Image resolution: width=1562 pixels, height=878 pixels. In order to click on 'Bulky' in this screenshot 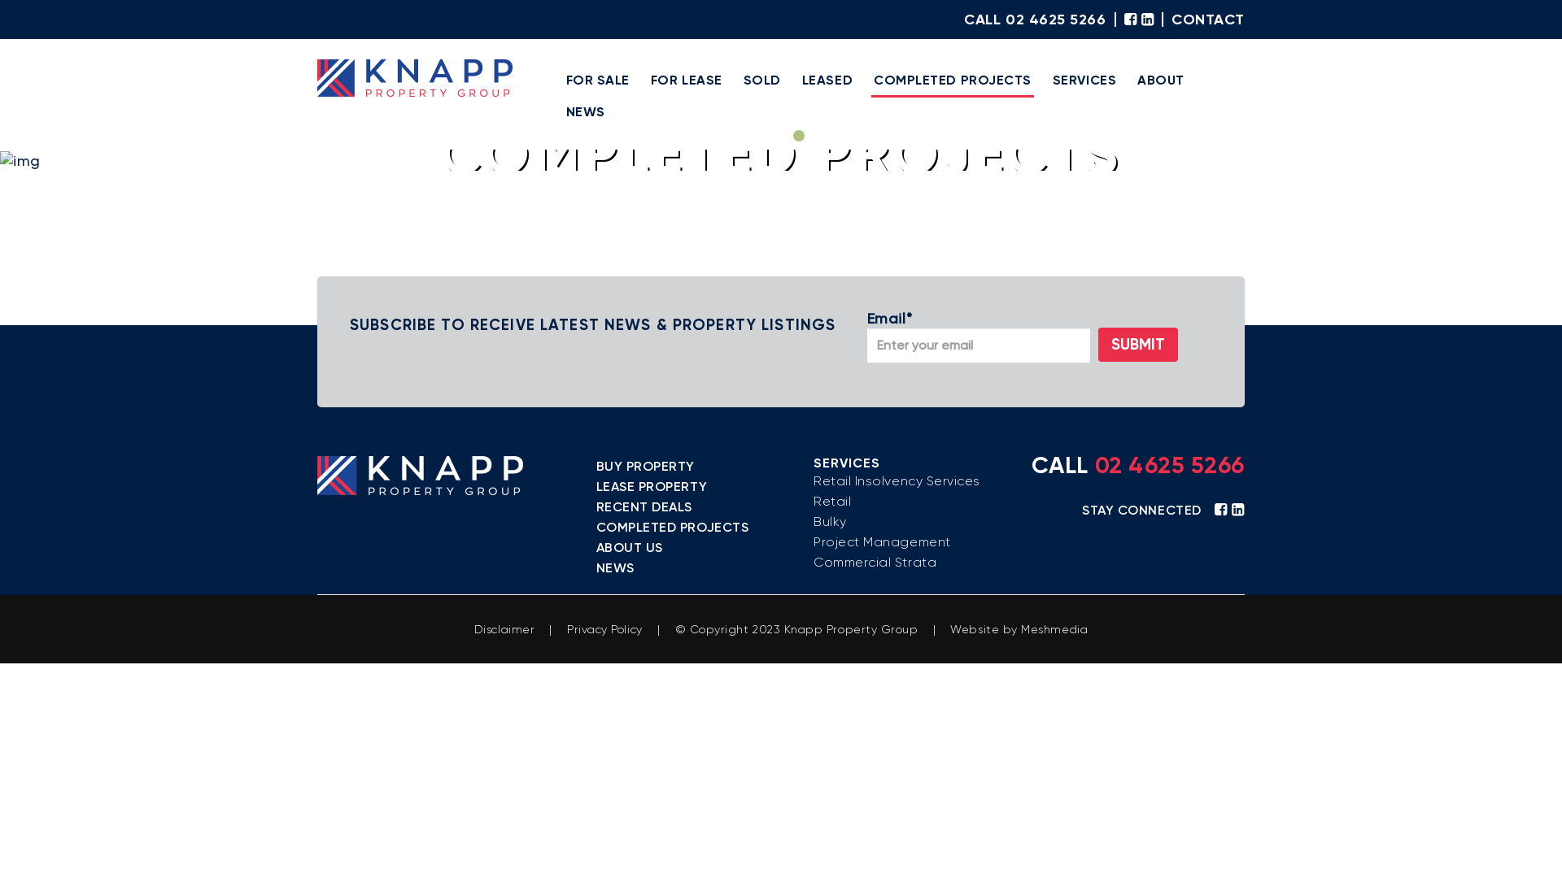, I will do `click(830, 521)`.